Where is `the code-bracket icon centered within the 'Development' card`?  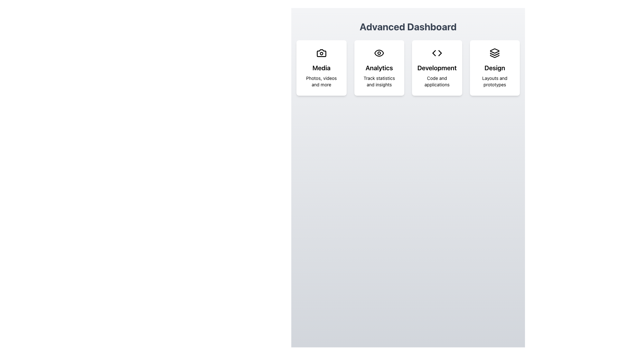 the code-bracket icon centered within the 'Development' card is located at coordinates (437, 53).